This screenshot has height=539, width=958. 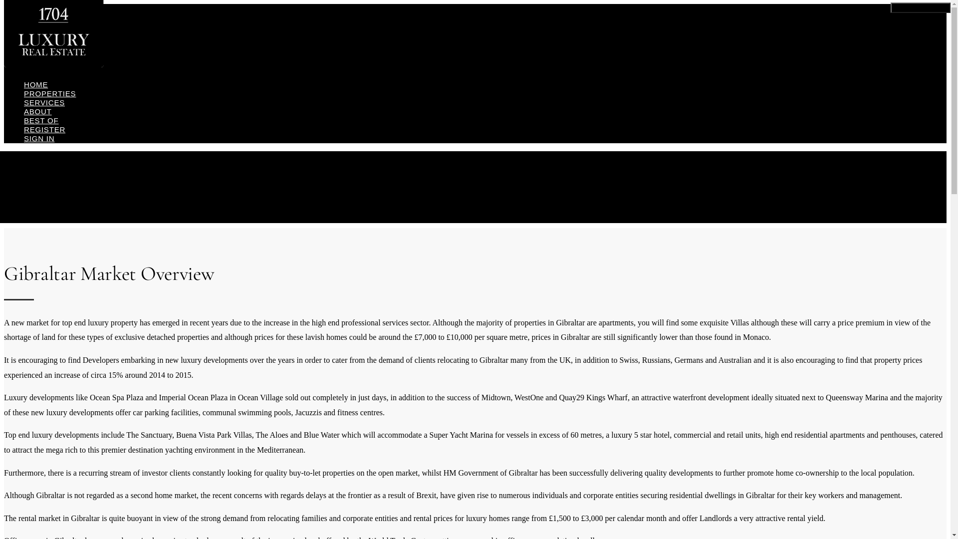 I want to click on 'Toggle Button', so click(x=926, y=7).